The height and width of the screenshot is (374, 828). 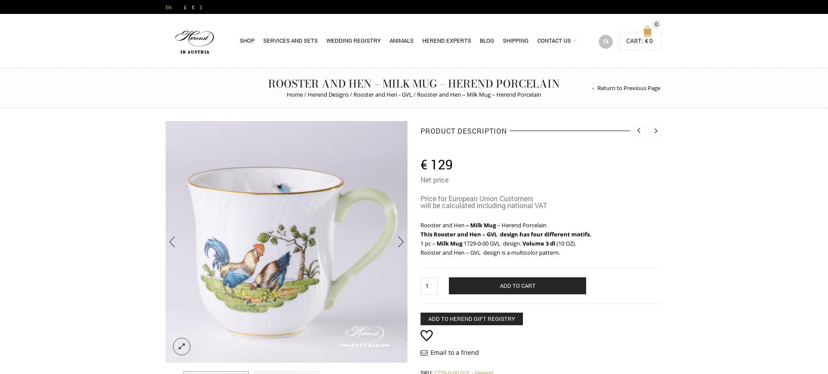 I want to click on 'Volume 3 dl', so click(x=522, y=243).